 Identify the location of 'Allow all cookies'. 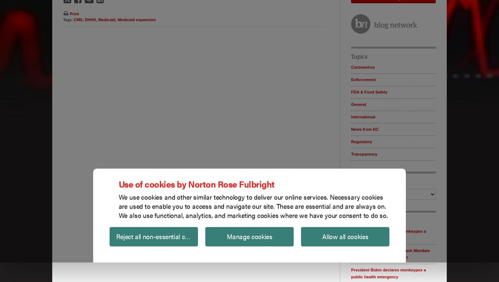
(322, 57).